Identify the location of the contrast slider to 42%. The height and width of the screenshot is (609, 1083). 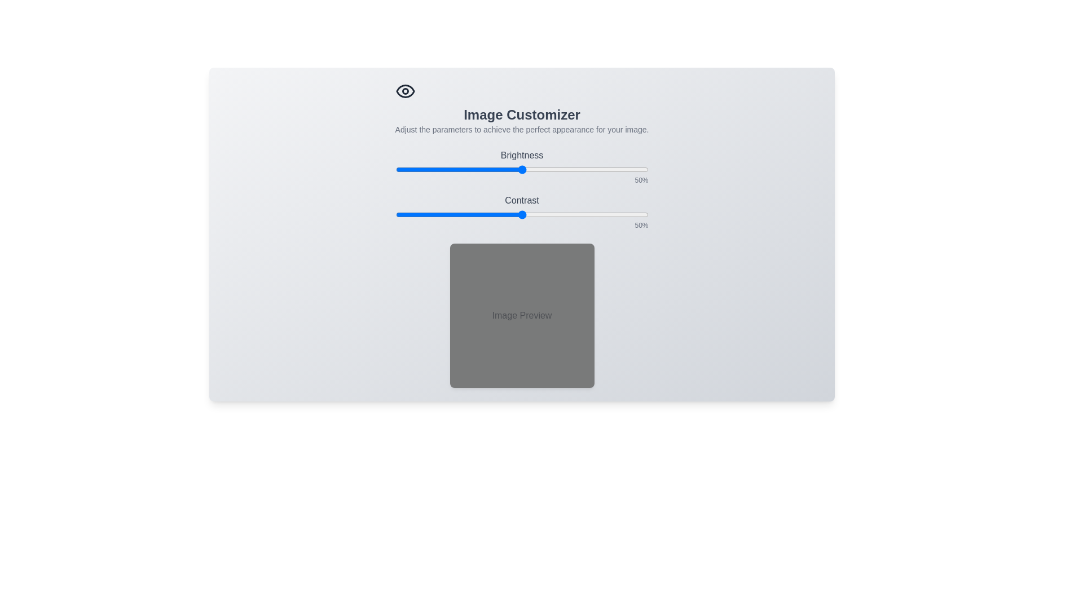
(501, 215).